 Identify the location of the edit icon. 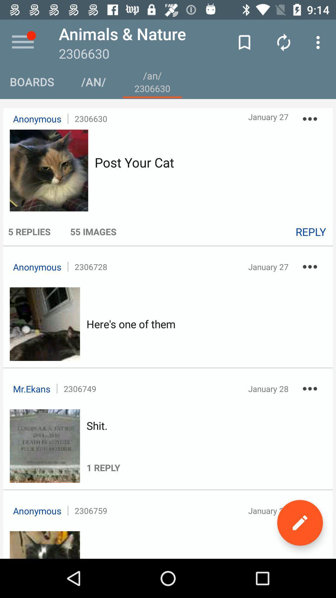
(300, 523).